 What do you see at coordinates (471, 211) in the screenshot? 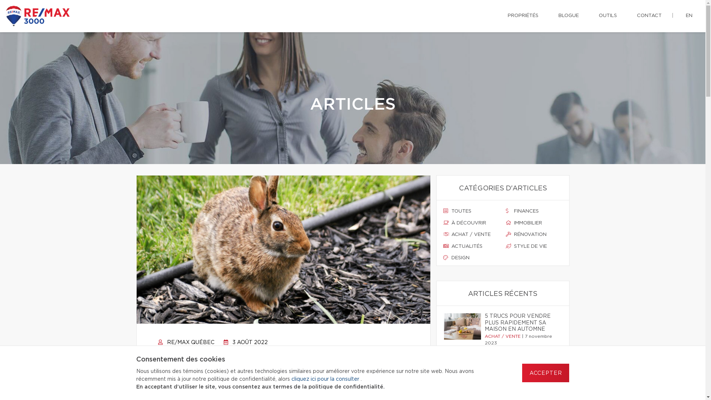
I see `'TOUTES'` at bounding box center [471, 211].